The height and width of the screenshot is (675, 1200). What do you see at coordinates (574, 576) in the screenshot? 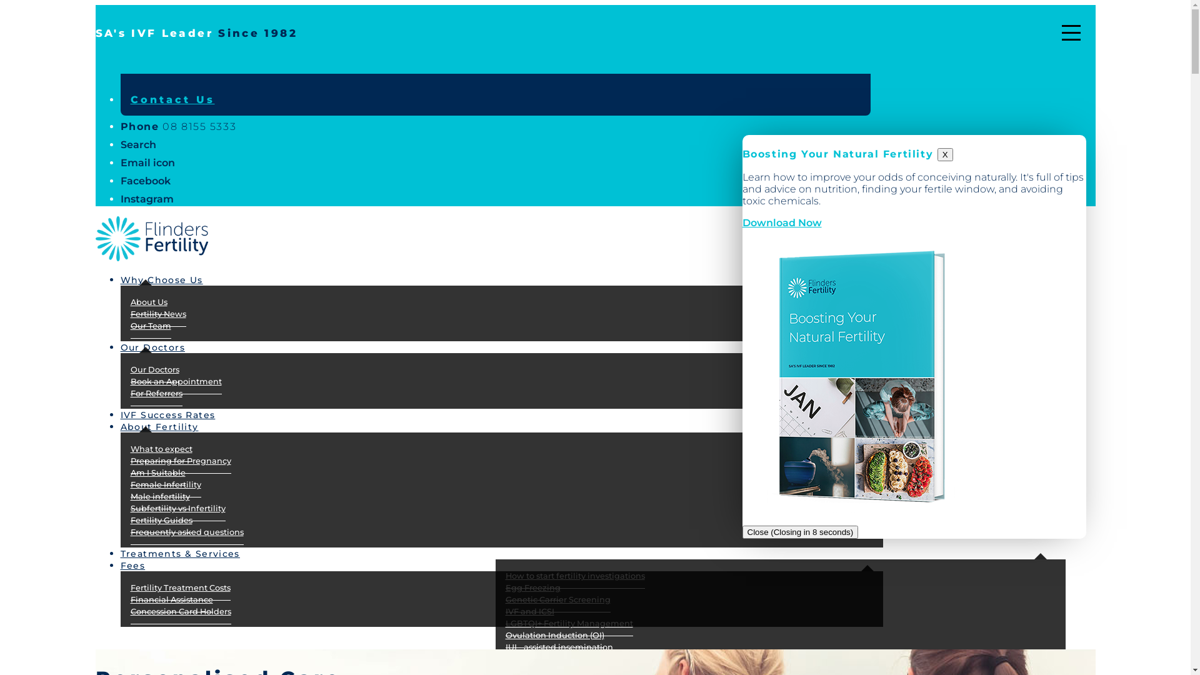
I see `'How to start fertility investigations'` at bounding box center [574, 576].